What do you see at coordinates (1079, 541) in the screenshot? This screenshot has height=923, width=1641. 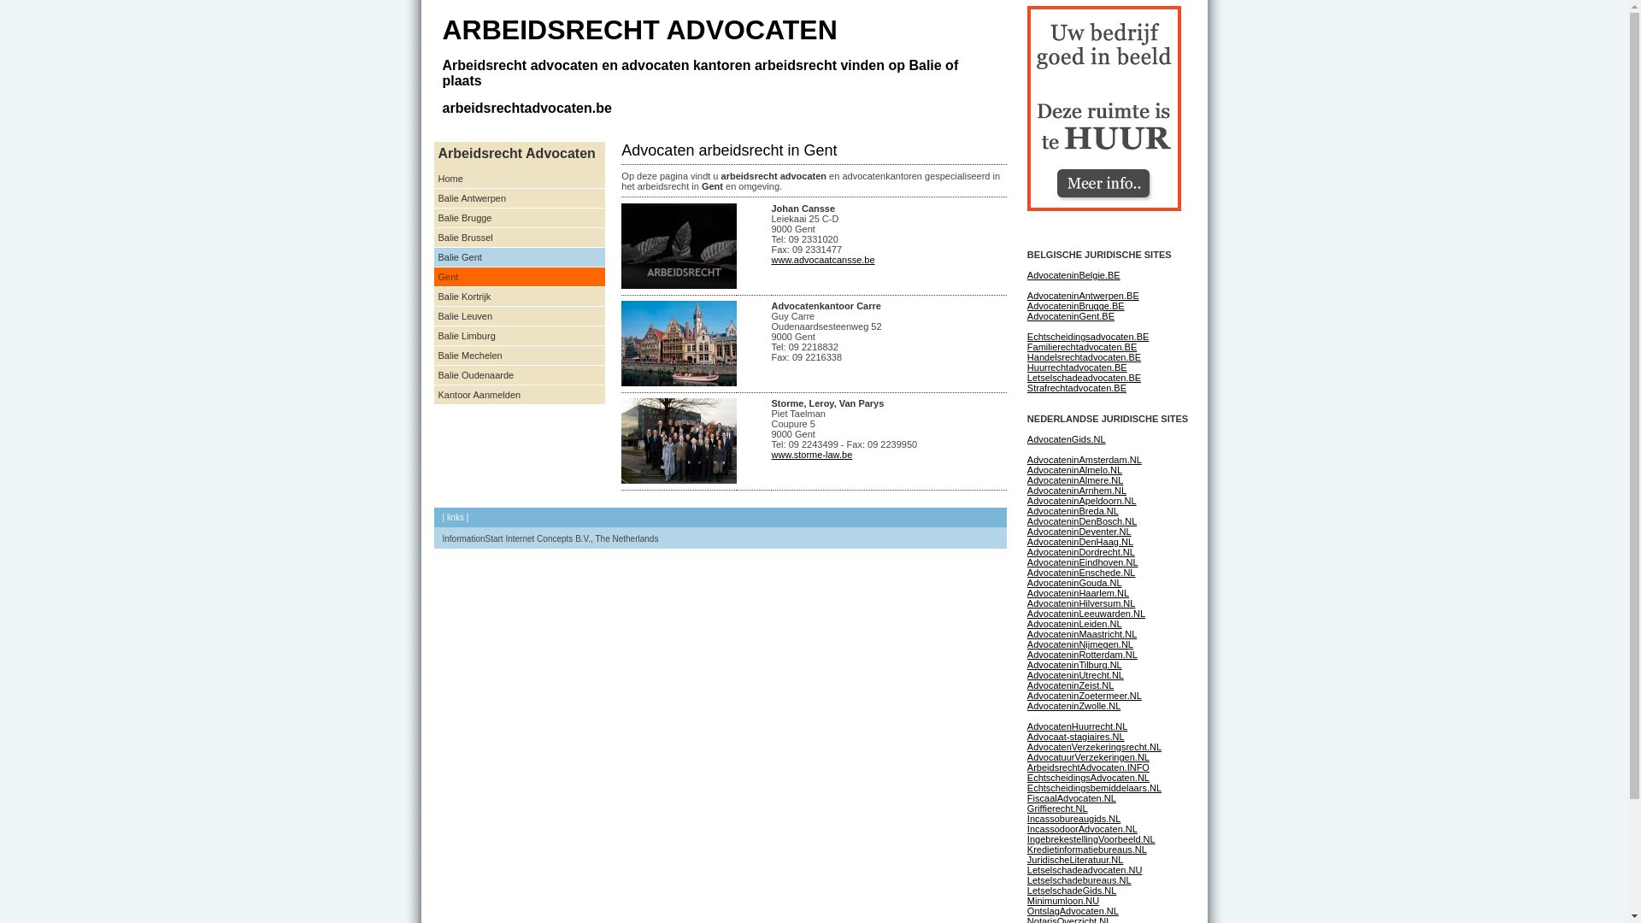 I see `'AdvocateninDenHaag.NL'` at bounding box center [1079, 541].